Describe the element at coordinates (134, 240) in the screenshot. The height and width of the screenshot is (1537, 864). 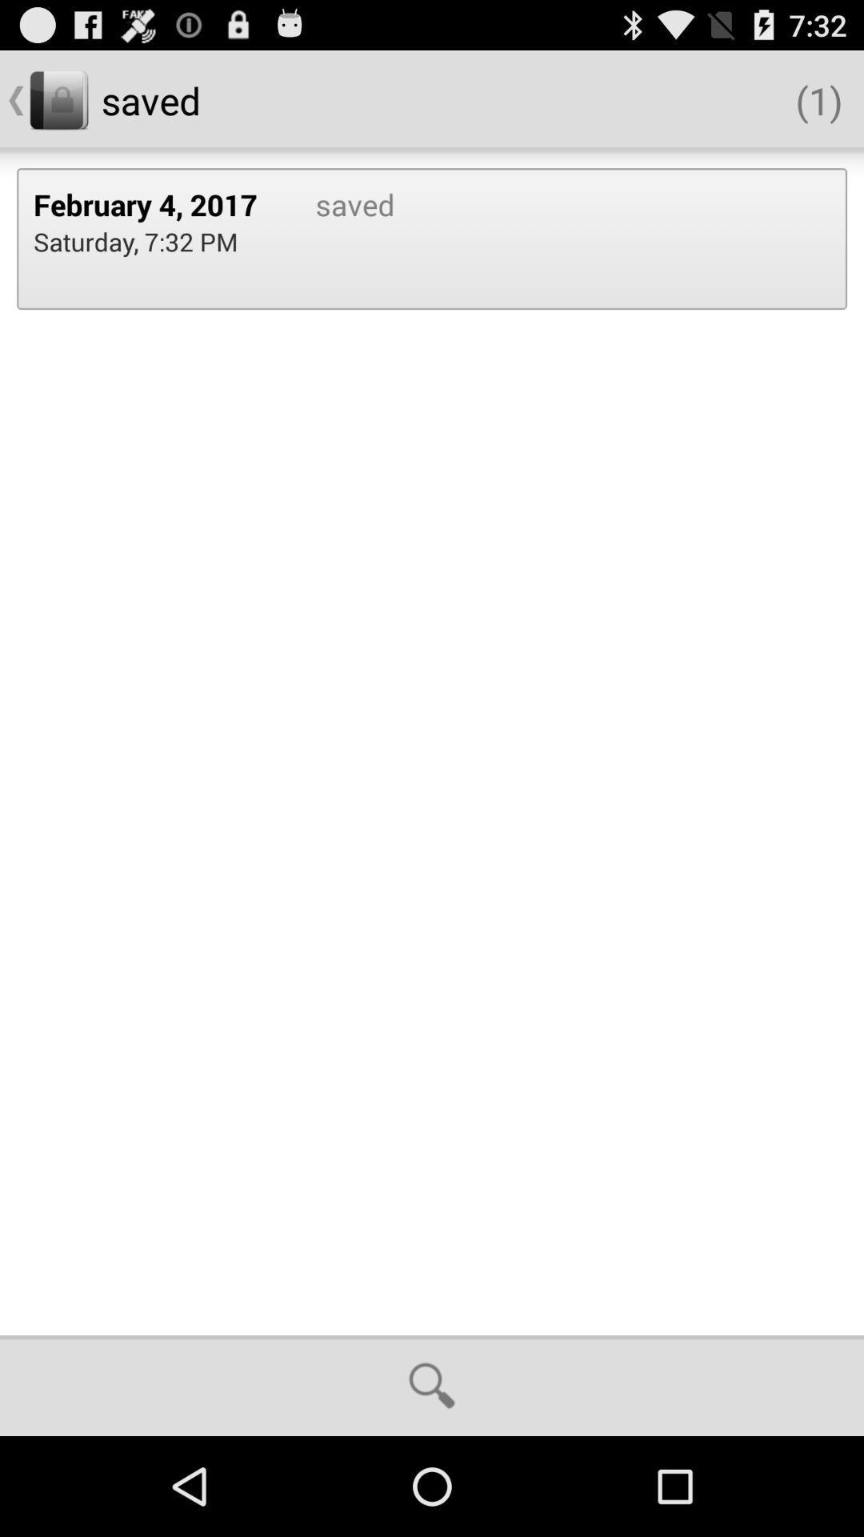
I see `the saturday 7 32 item` at that location.